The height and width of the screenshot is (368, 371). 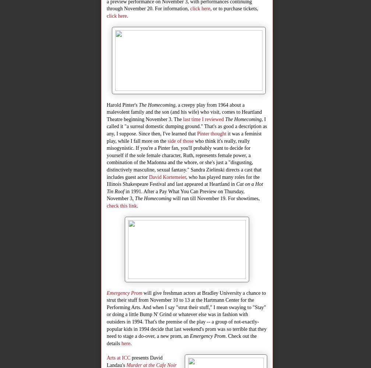 What do you see at coordinates (184, 188) in the screenshot?
I see `'Cat on a Hot Tin Roof'` at bounding box center [184, 188].